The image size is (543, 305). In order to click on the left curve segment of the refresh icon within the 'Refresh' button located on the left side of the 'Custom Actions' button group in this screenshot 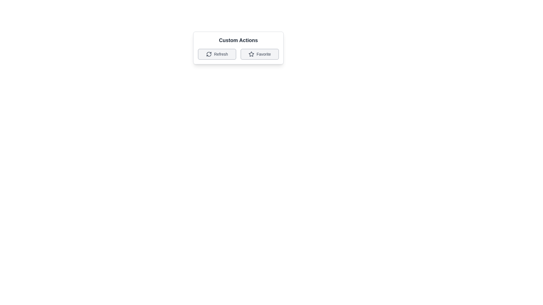, I will do `click(209, 53)`.